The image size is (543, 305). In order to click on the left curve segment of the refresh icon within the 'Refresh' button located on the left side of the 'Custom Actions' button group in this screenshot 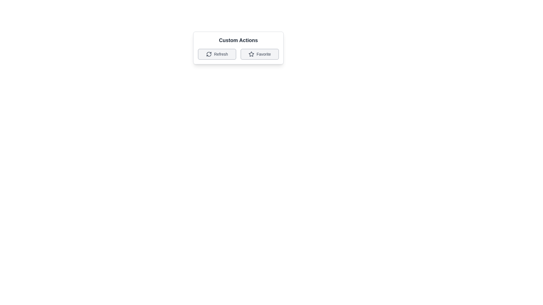, I will do `click(209, 53)`.